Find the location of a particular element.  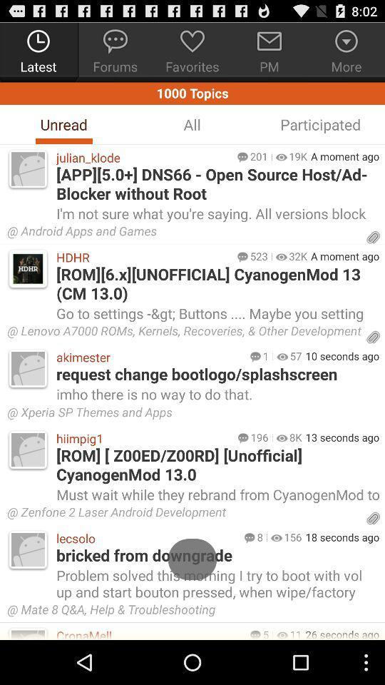

item below 1000 topics is located at coordinates (63, 123).